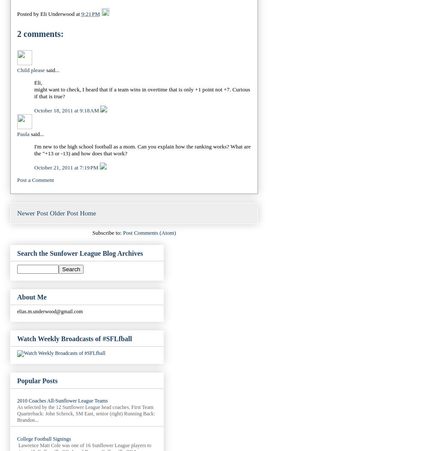  Describe the element at coordinates (74, 338) in the screenshot. I see `'Watch Weekly Broadcasts  of  #SFLfball'` at that location.